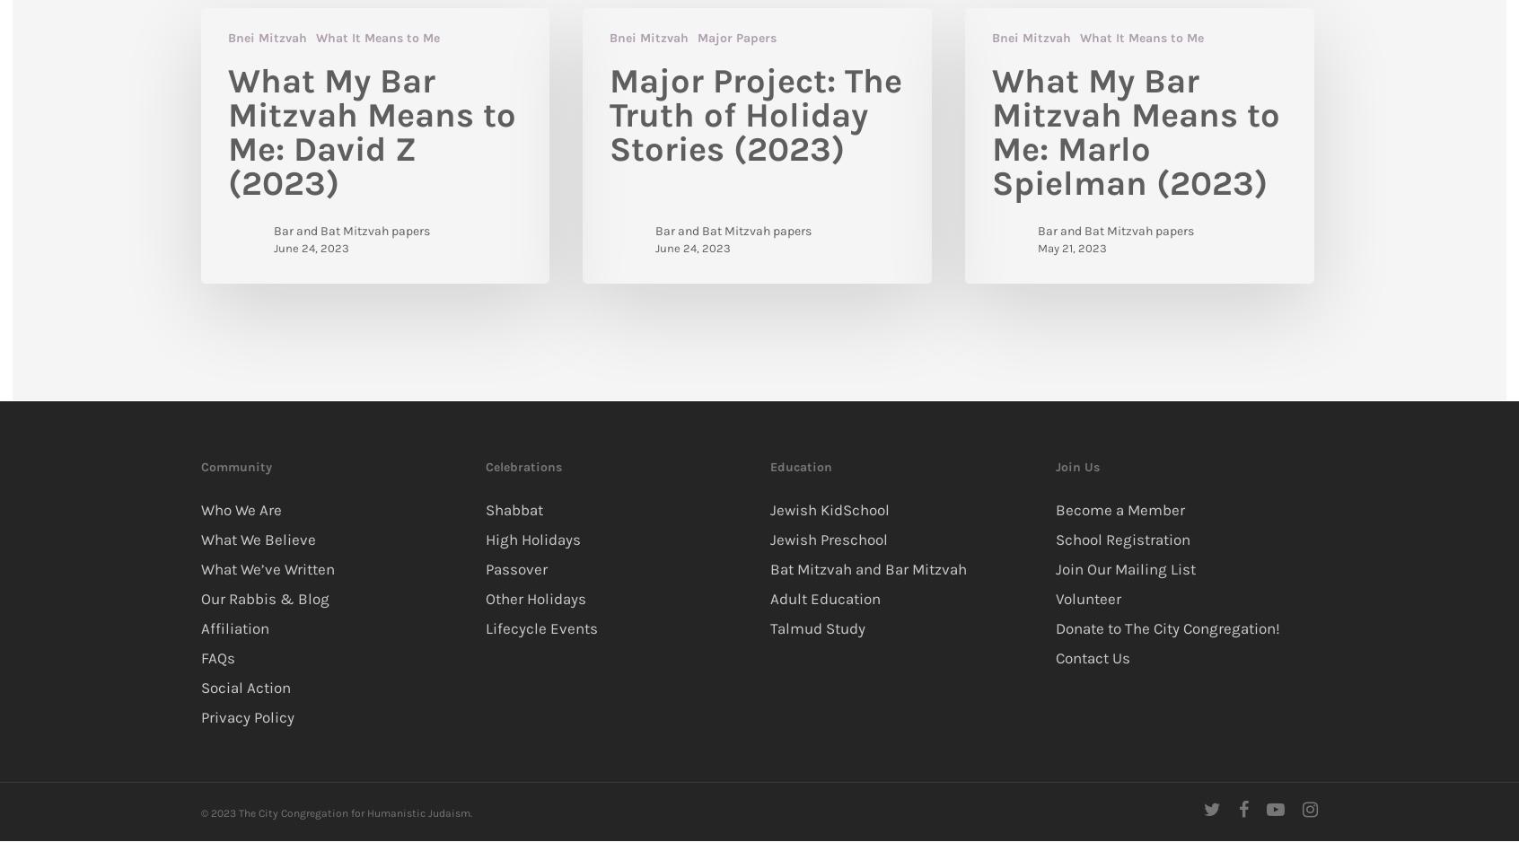  What do you see at coordinates (216, 657) in the screenshot?
I see `'FAQs'` at bounding box center [216, 657].